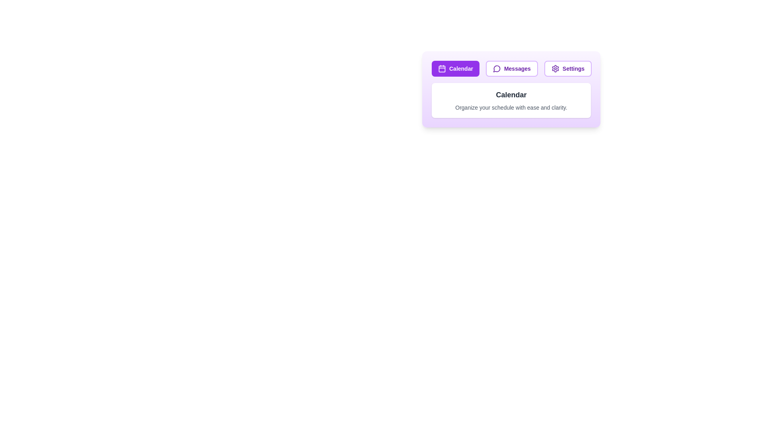  What do you see at coordinates (455, 68) in the screenshot?
I see `the Calendar tab by clicking on its button` at bounding box center [455, 68].